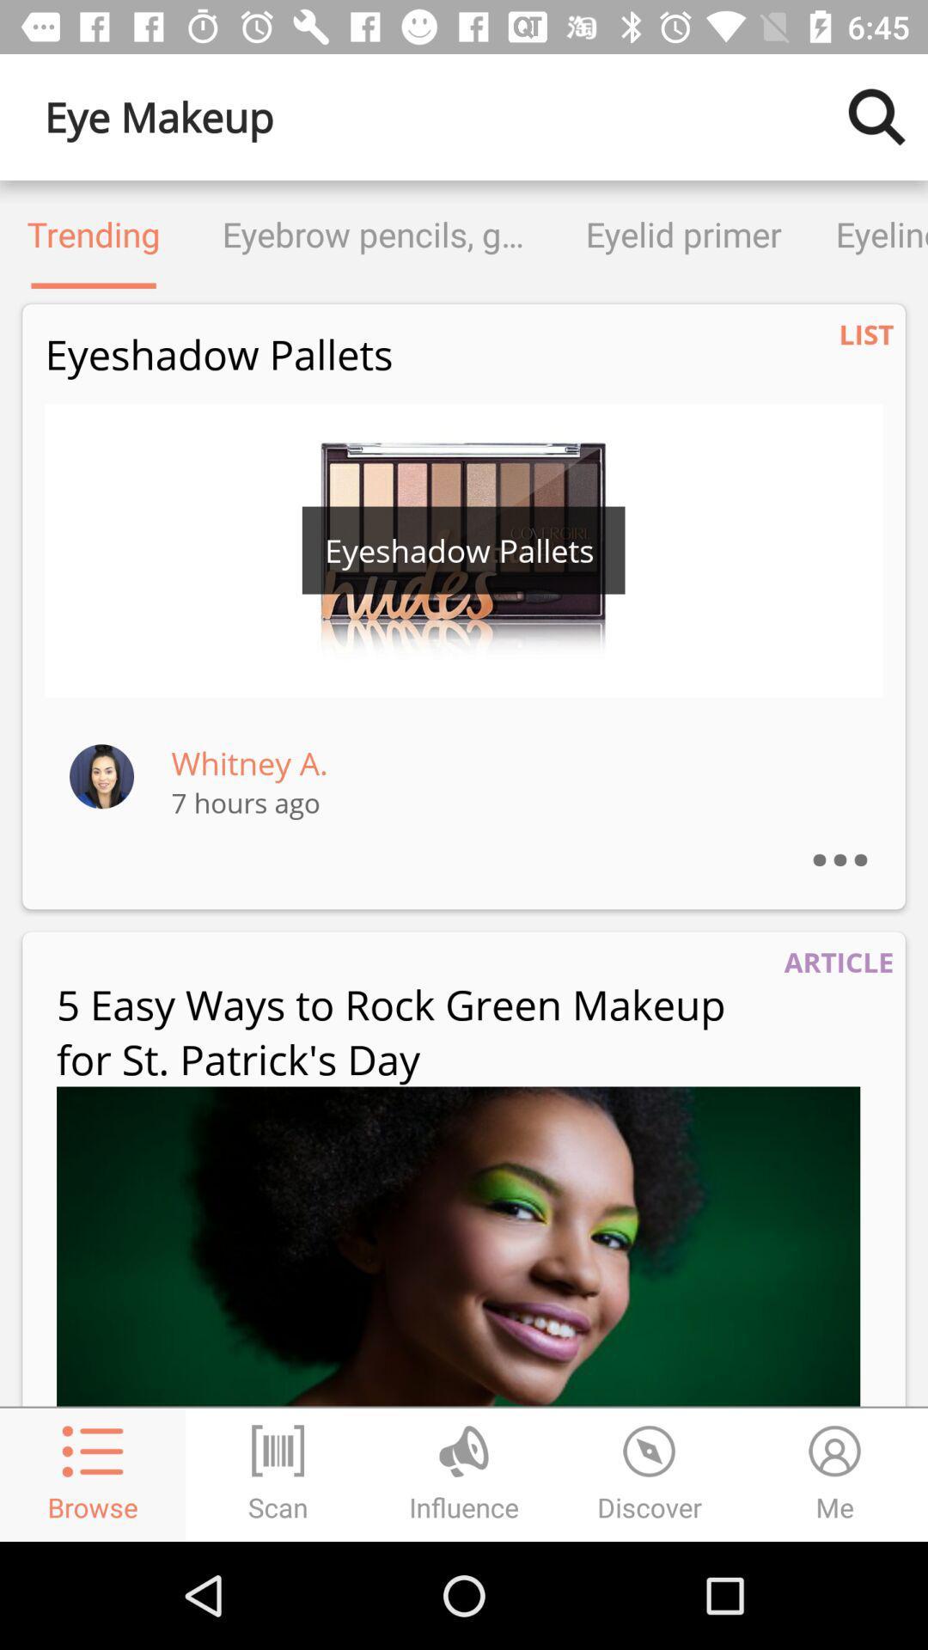  What do you see at coordinates (249, 762) in the screenshot?
I see `whitney a. item` at bounding box center [249, 762].